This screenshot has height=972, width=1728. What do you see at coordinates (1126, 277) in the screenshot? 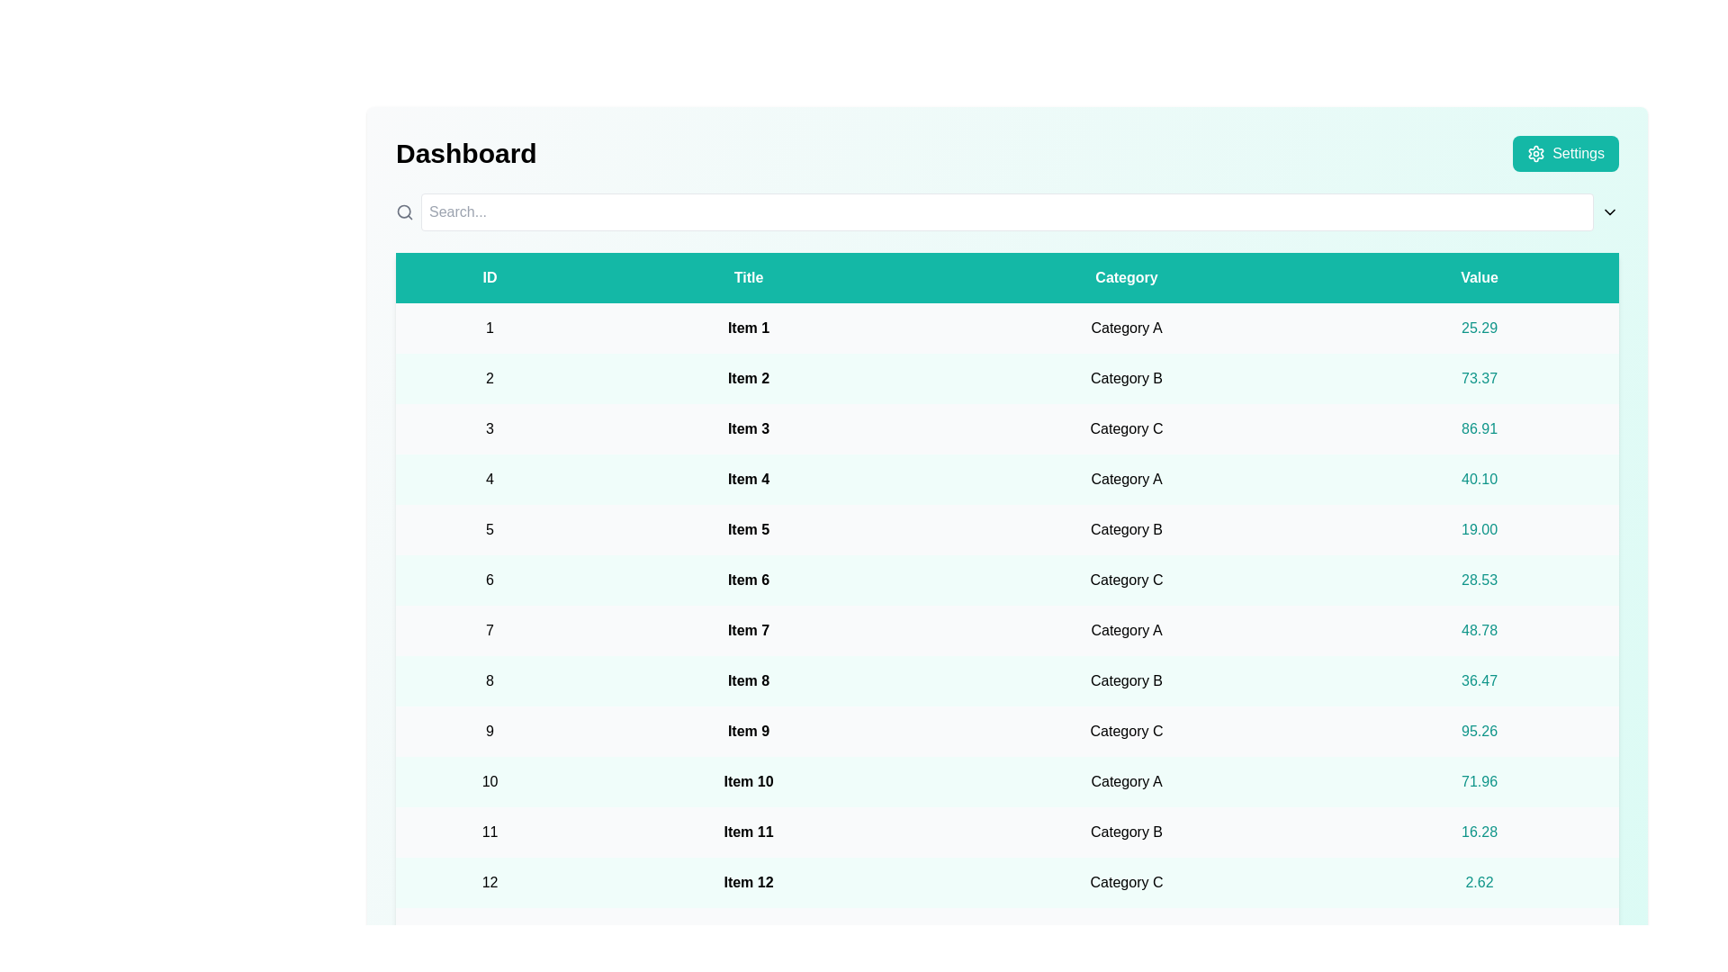
I see `the Category header to sort the table data` at bounding box center [1126, 277].